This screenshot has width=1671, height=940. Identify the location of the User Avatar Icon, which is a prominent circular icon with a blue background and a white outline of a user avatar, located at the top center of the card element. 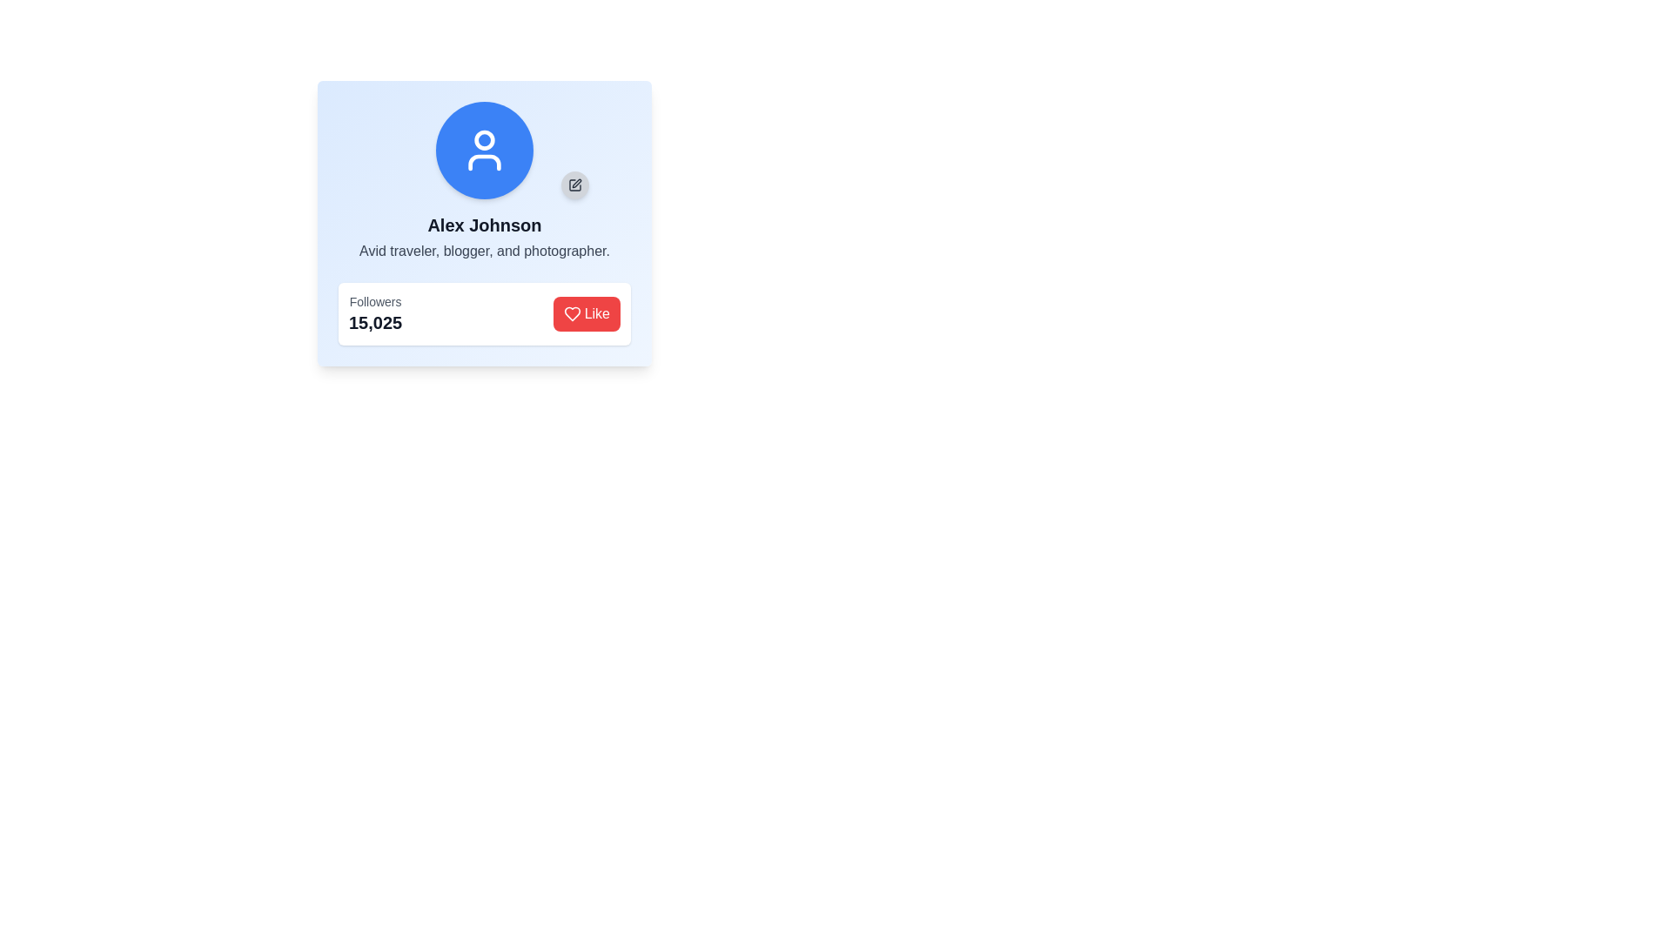
(484, 150).